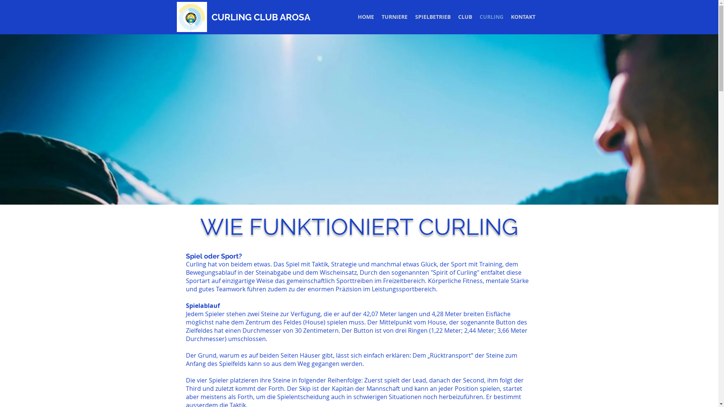  I want to click on 'CCArosa Logo1758x1758.png', so click(192, 17).